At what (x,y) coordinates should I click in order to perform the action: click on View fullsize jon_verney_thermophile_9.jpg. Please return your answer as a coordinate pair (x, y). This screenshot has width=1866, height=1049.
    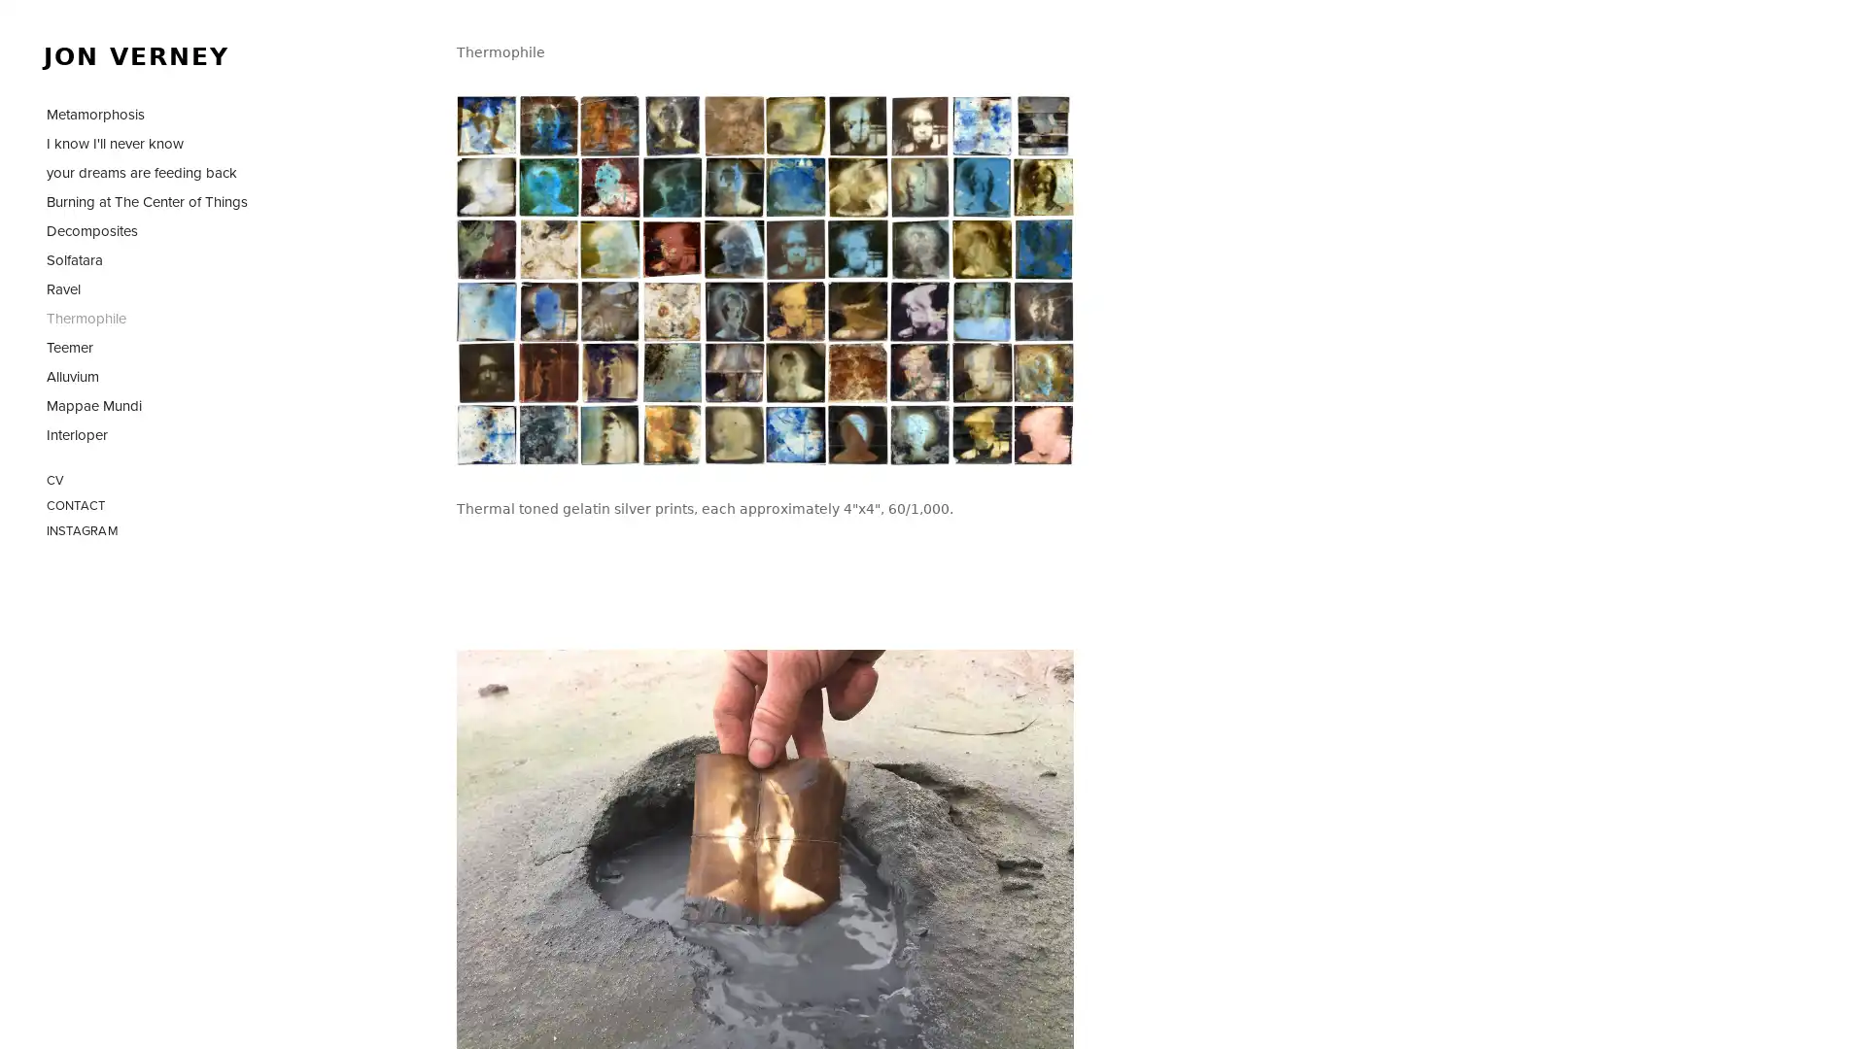
    Looking at the image, I should click on (796, 186).